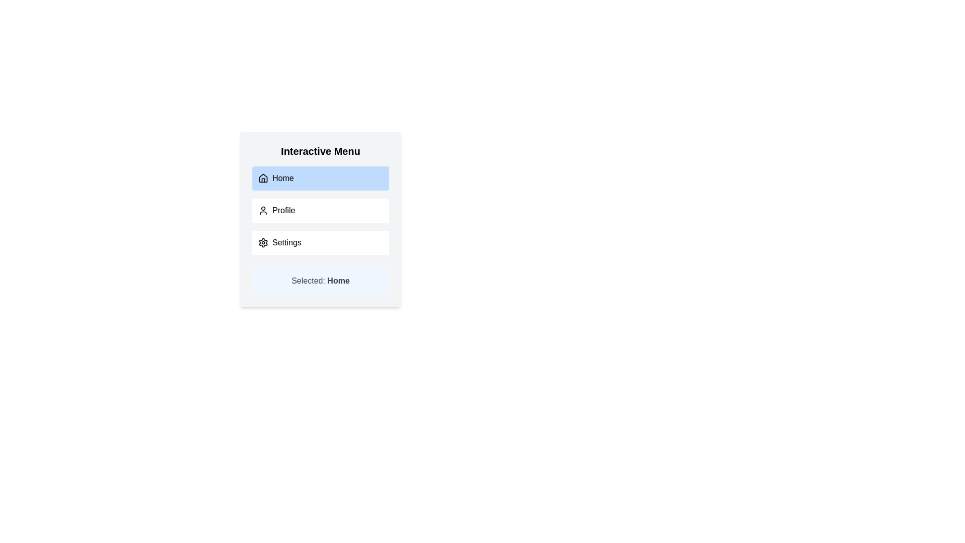  I want to click on the cog icon in the Settings menu, so click(263, 242).